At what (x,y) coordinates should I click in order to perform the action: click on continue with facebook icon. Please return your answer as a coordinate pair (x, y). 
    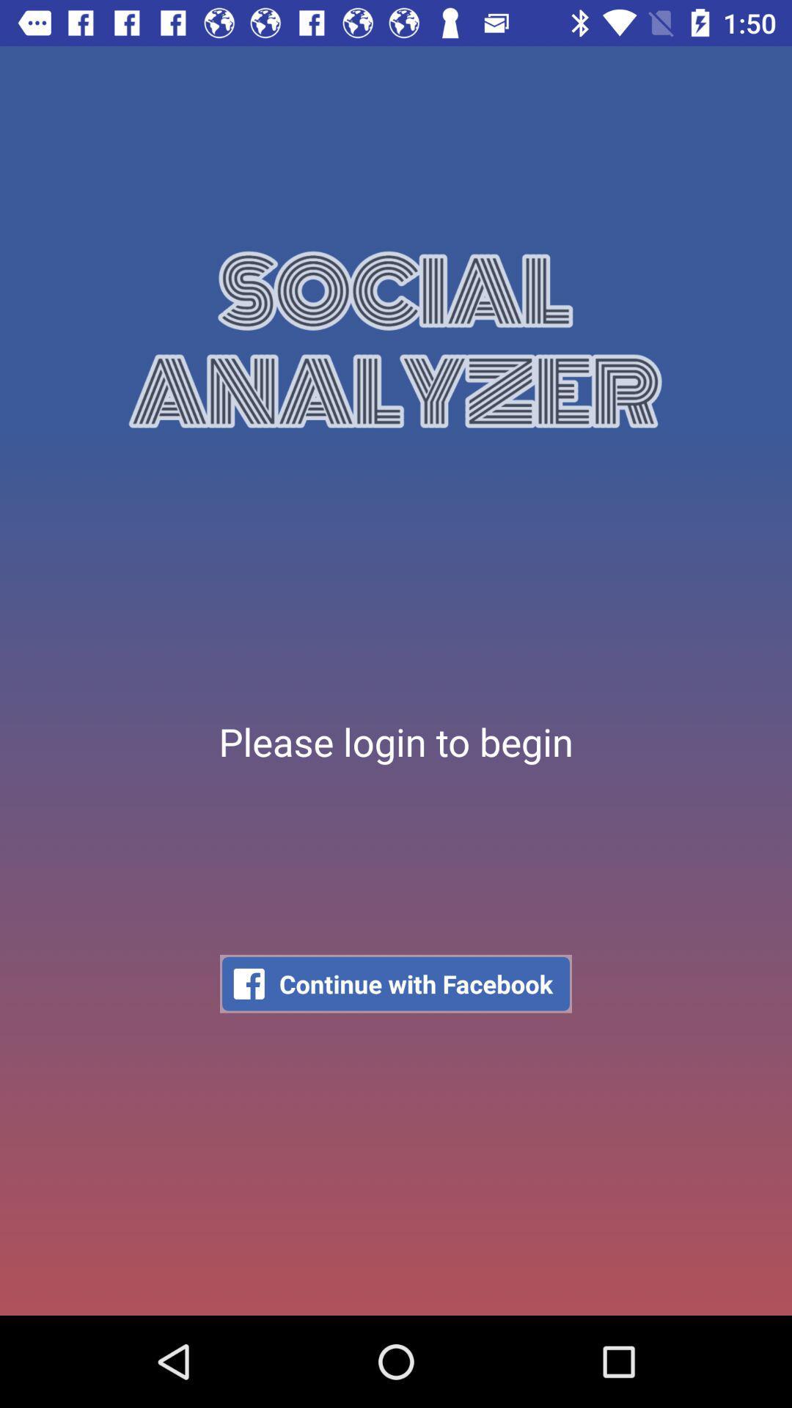
    Looking at the image, I should click on (396, 983).